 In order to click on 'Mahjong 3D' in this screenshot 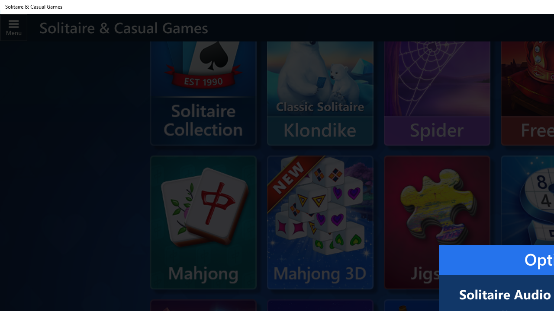, I will do `click(319, 222)`.